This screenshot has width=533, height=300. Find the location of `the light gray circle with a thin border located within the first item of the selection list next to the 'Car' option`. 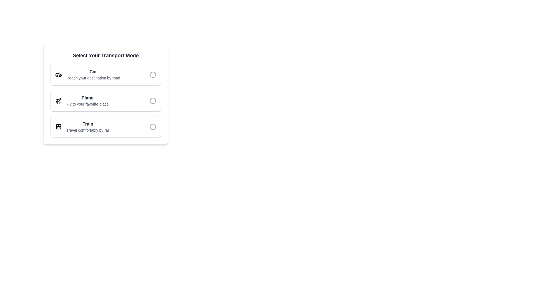

the light gray circle with a thin border located within the first item of the selection list next to the 'Car' option is located at coordinates (153, 74).